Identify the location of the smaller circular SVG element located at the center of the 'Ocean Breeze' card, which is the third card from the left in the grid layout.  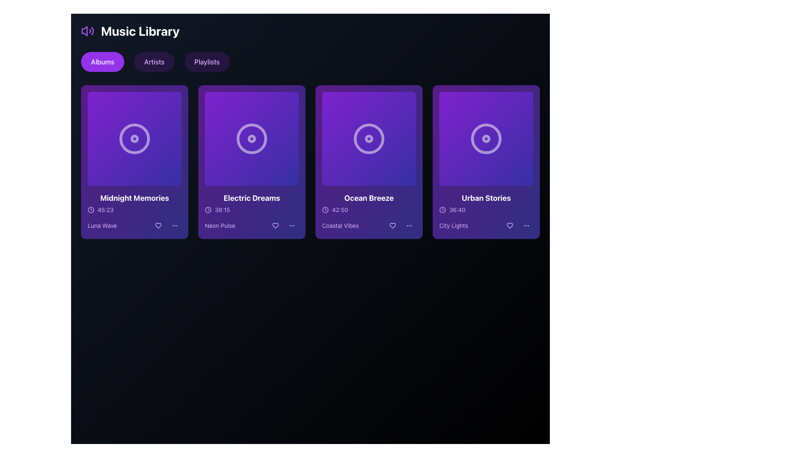
(369, 138).